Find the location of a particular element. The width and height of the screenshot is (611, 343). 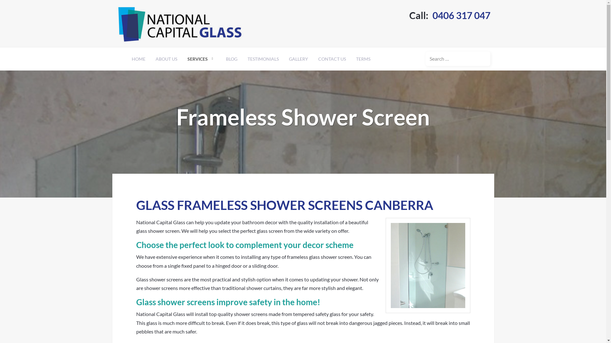

'SERVICES' is located at coordinates (201, 59).